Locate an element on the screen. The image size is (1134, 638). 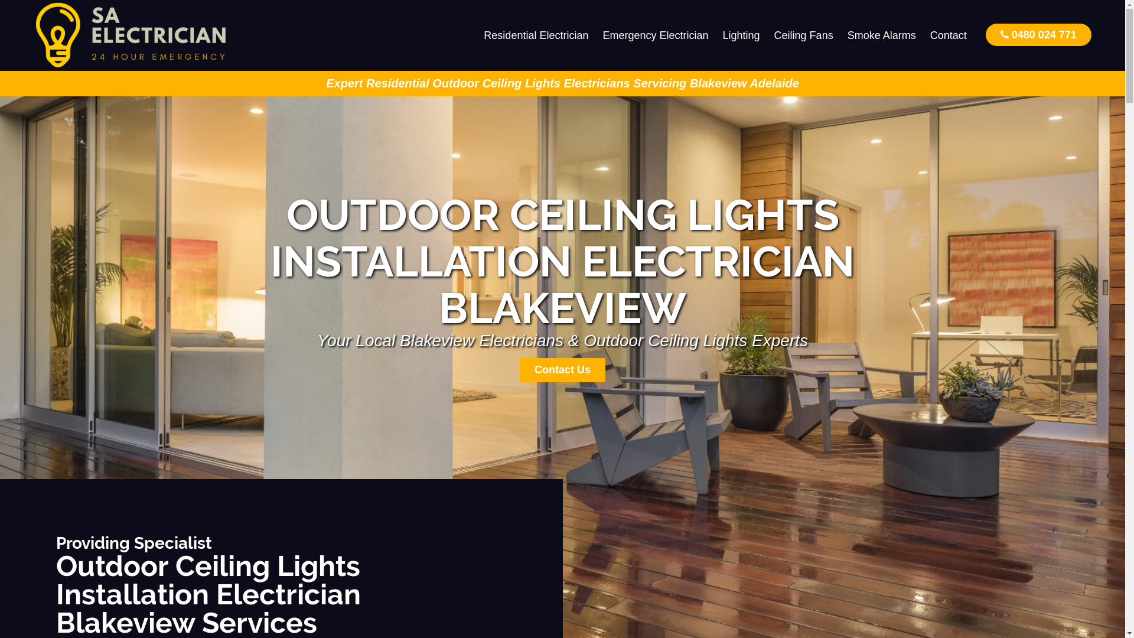
'Ceiling Fans' is located at coordinates (803, 35).